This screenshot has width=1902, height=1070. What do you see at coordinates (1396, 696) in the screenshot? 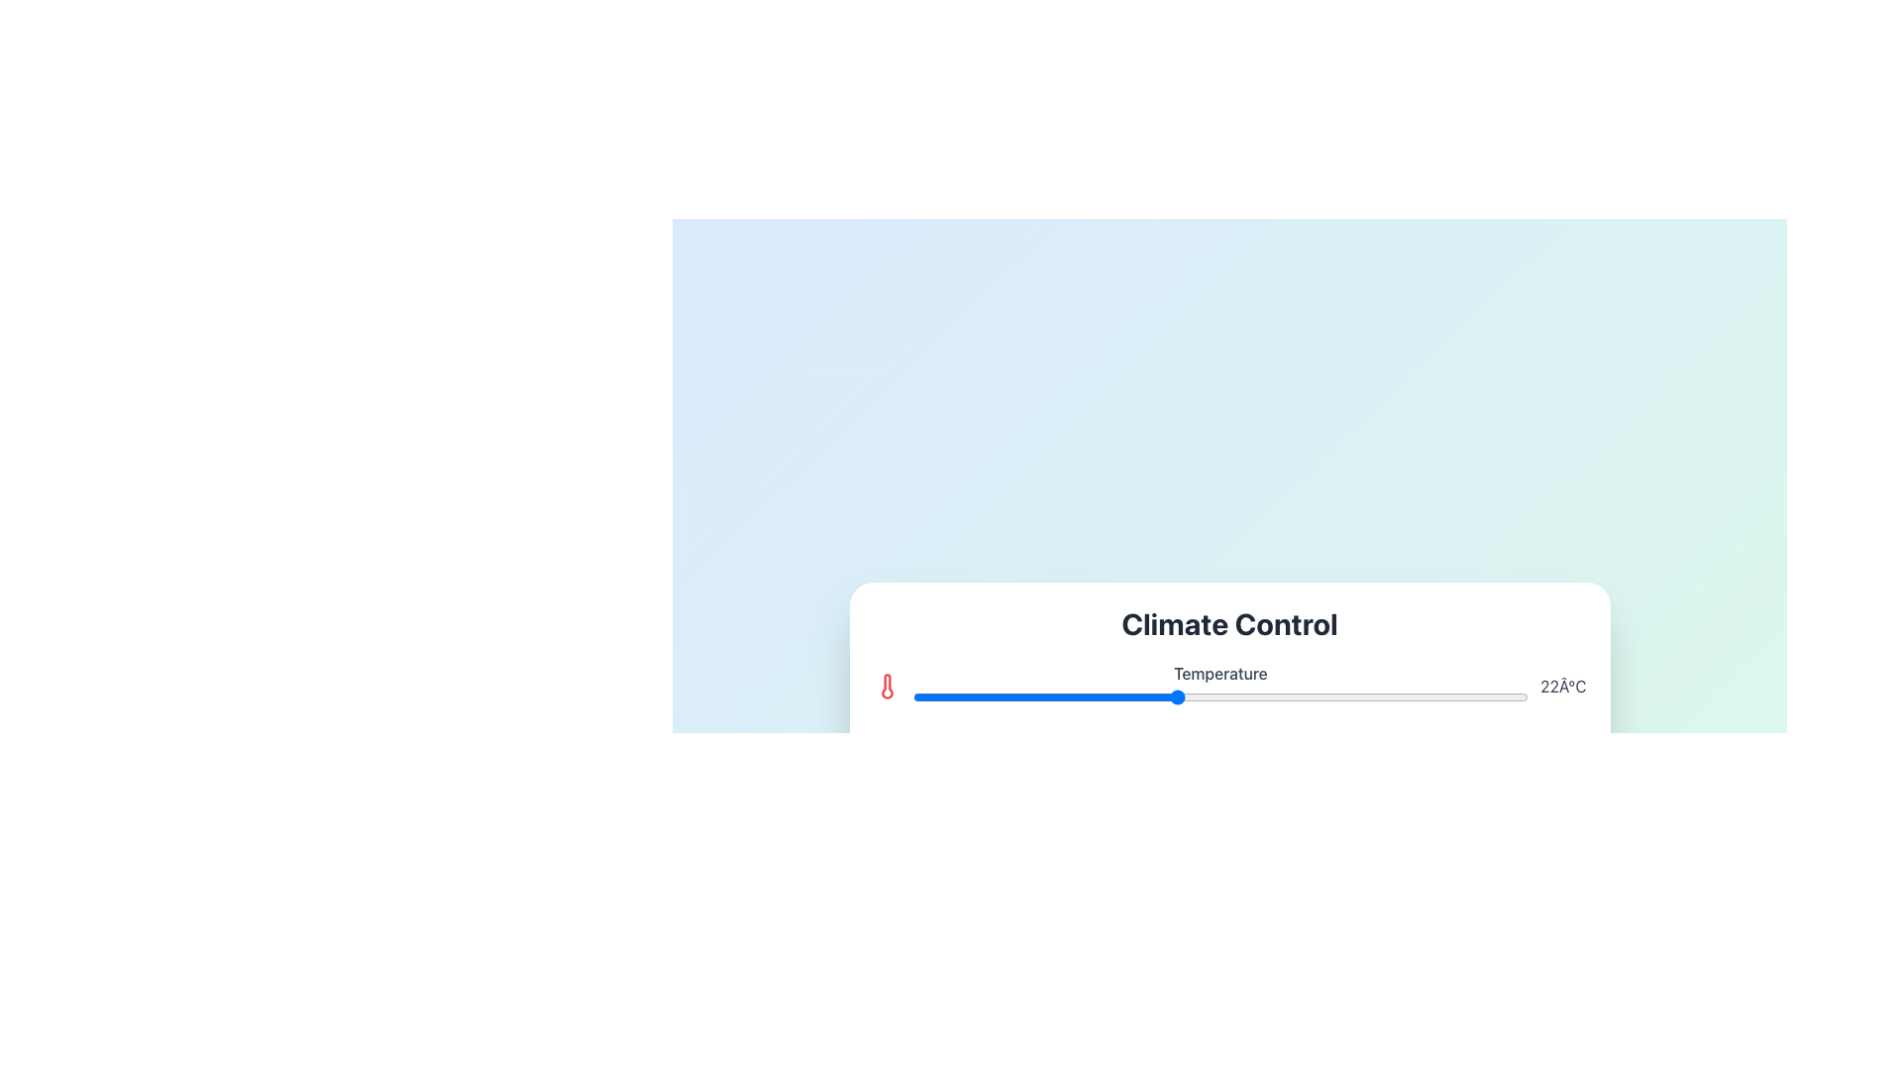
I see `temperature` at bounding box center [1396, 696].